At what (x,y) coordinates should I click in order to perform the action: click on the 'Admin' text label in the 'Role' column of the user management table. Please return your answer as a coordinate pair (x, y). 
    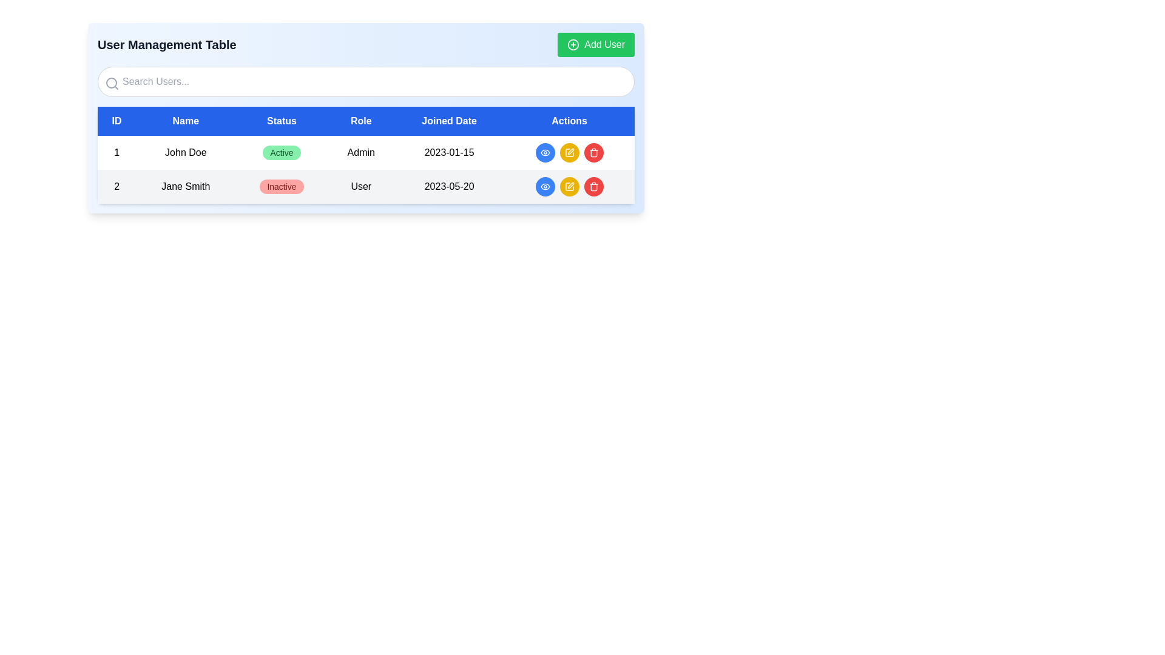
    Looking at the image, I should click on (360, 152).